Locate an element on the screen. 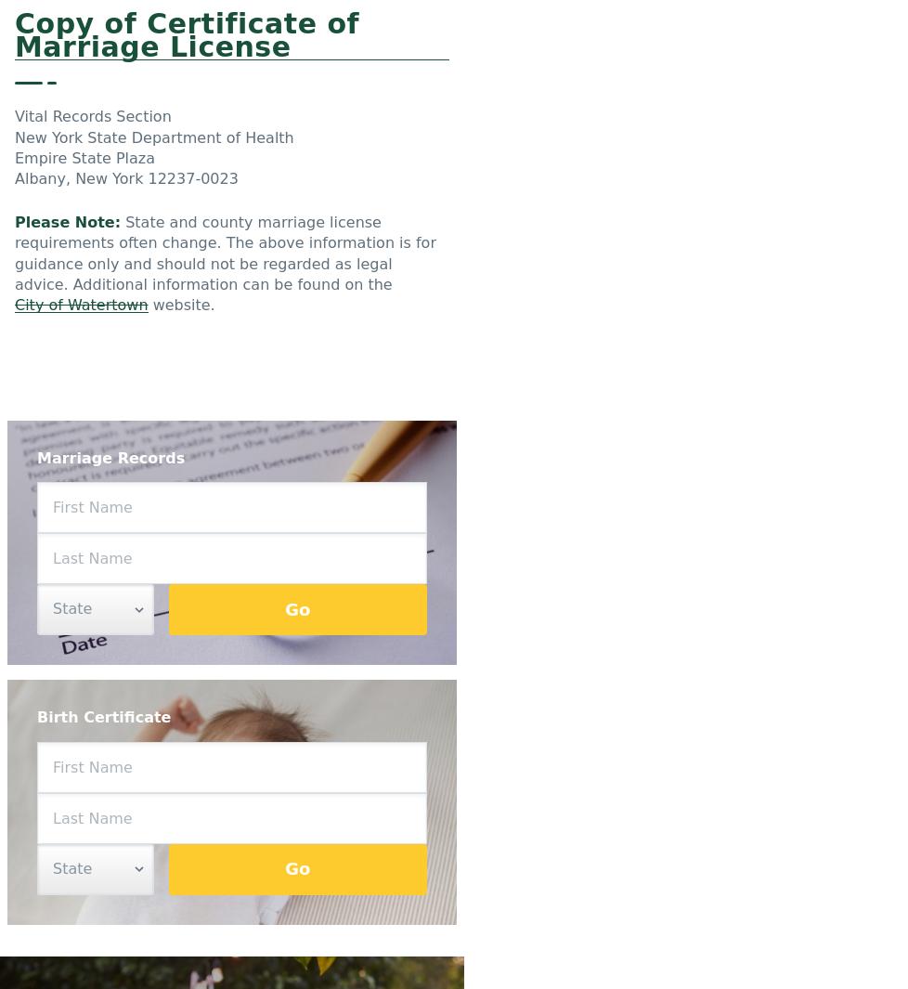 The width and height of the screenshot is (908, 989). 'Empire State Plaza' is located at coordinates (84, 157).